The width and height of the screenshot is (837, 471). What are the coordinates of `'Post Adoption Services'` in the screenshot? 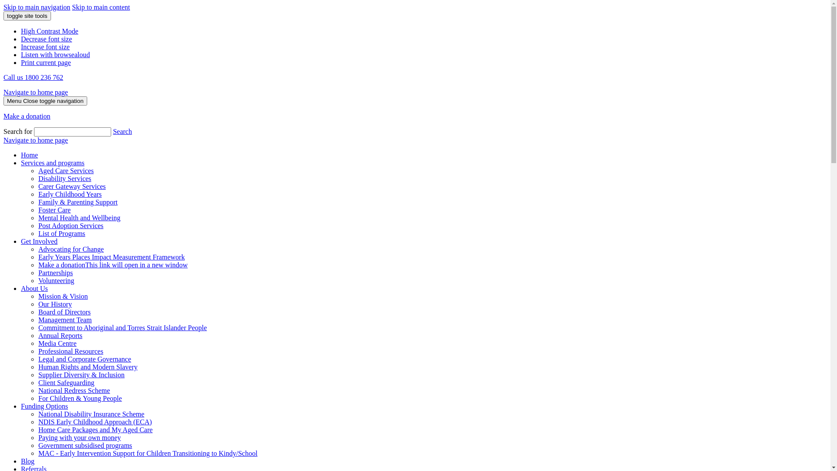 It's located at (71, 225).